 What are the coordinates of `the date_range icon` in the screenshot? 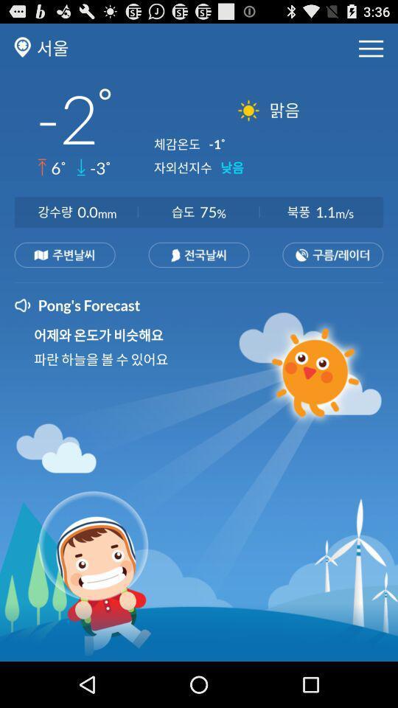 It's located at (332, 271).